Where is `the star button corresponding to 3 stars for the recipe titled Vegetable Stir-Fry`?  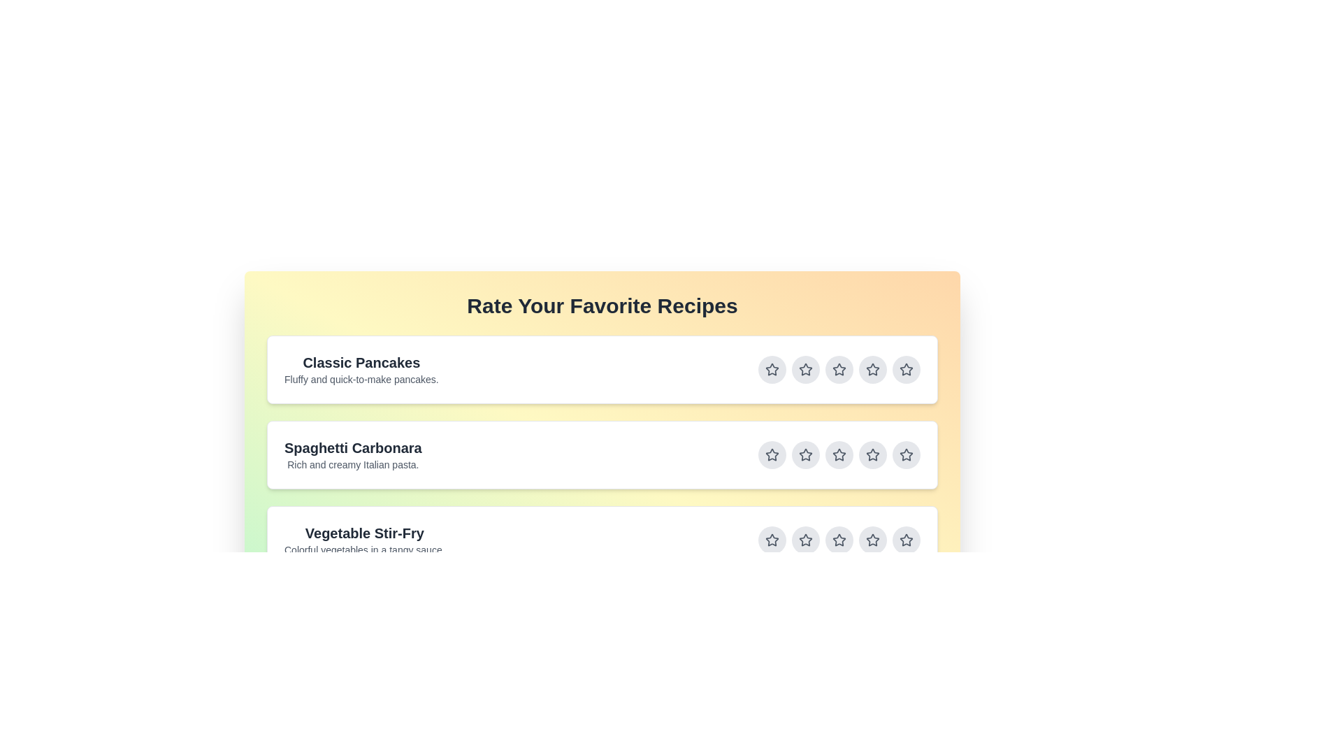
the star button corresponding to 3 stars for the recipe titled Vegetable Stir-Fry is located at coordinates (839, 539).